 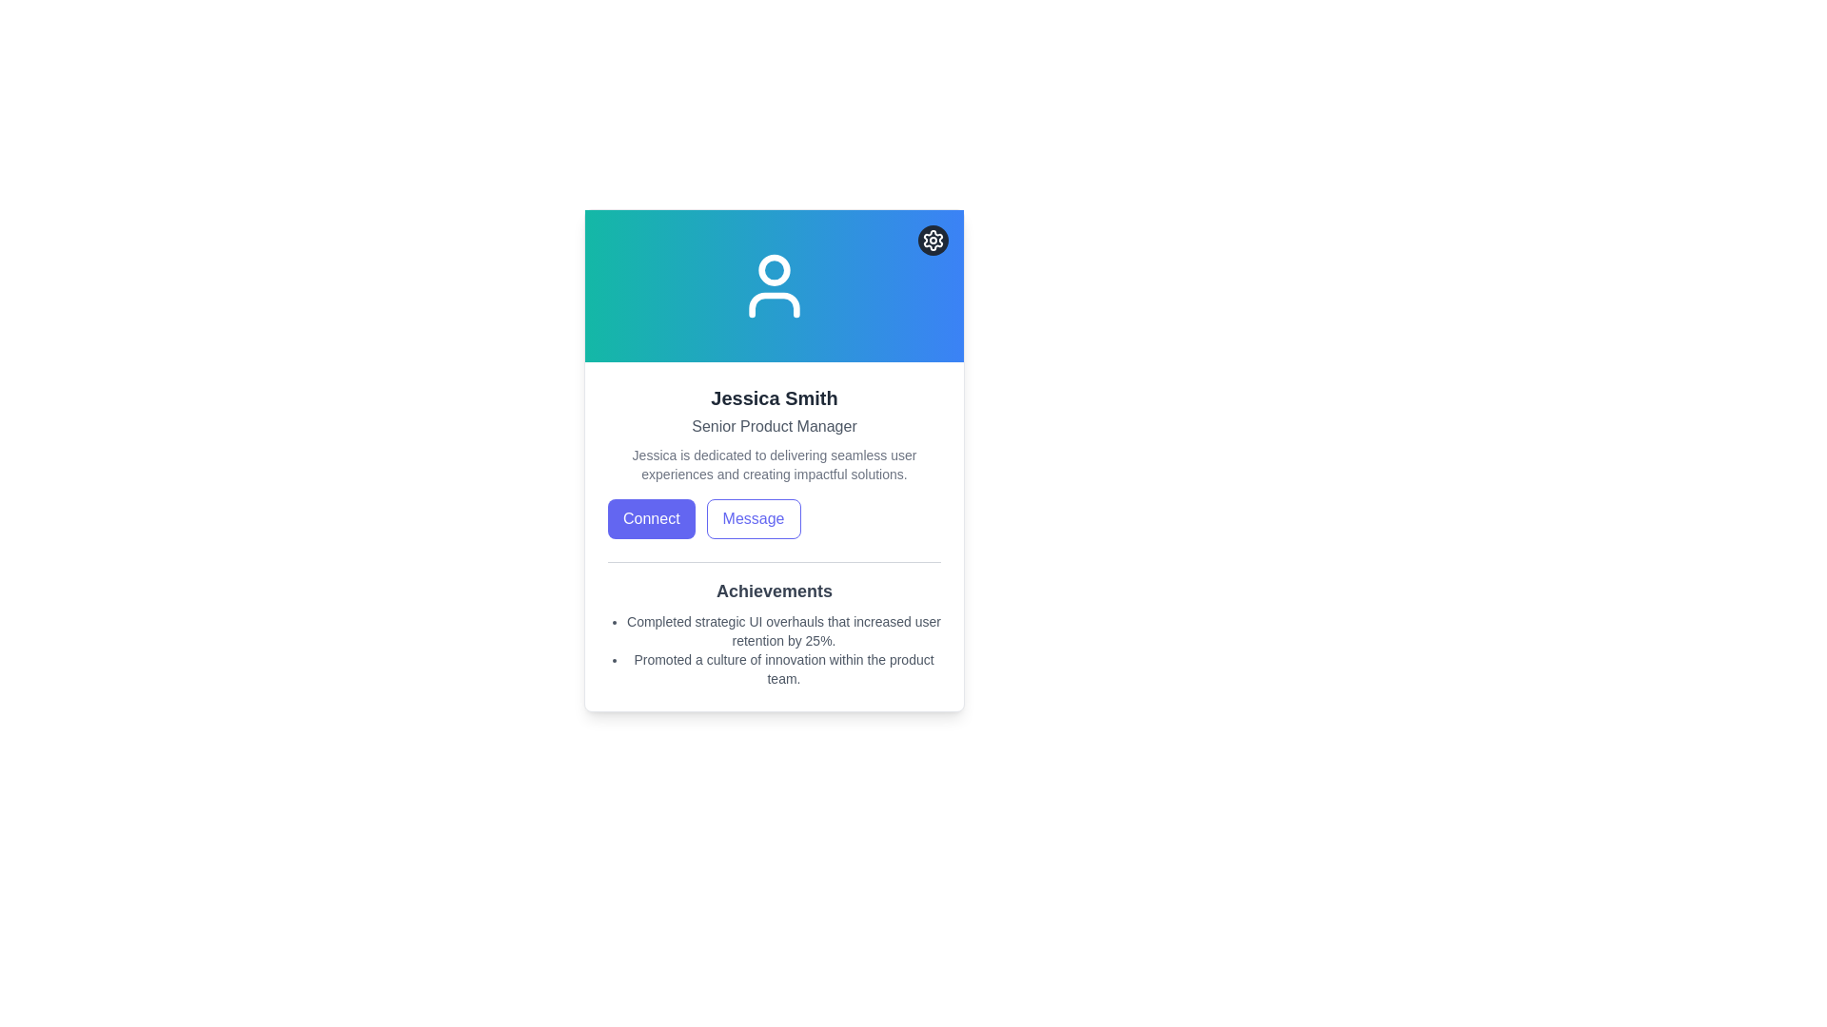 I want to click on the 'Achievements' text block, which includes a title and two bullet points detailing specific accomplishments, positioned at the bottom half of the profile card, so click(x=775, y=624).